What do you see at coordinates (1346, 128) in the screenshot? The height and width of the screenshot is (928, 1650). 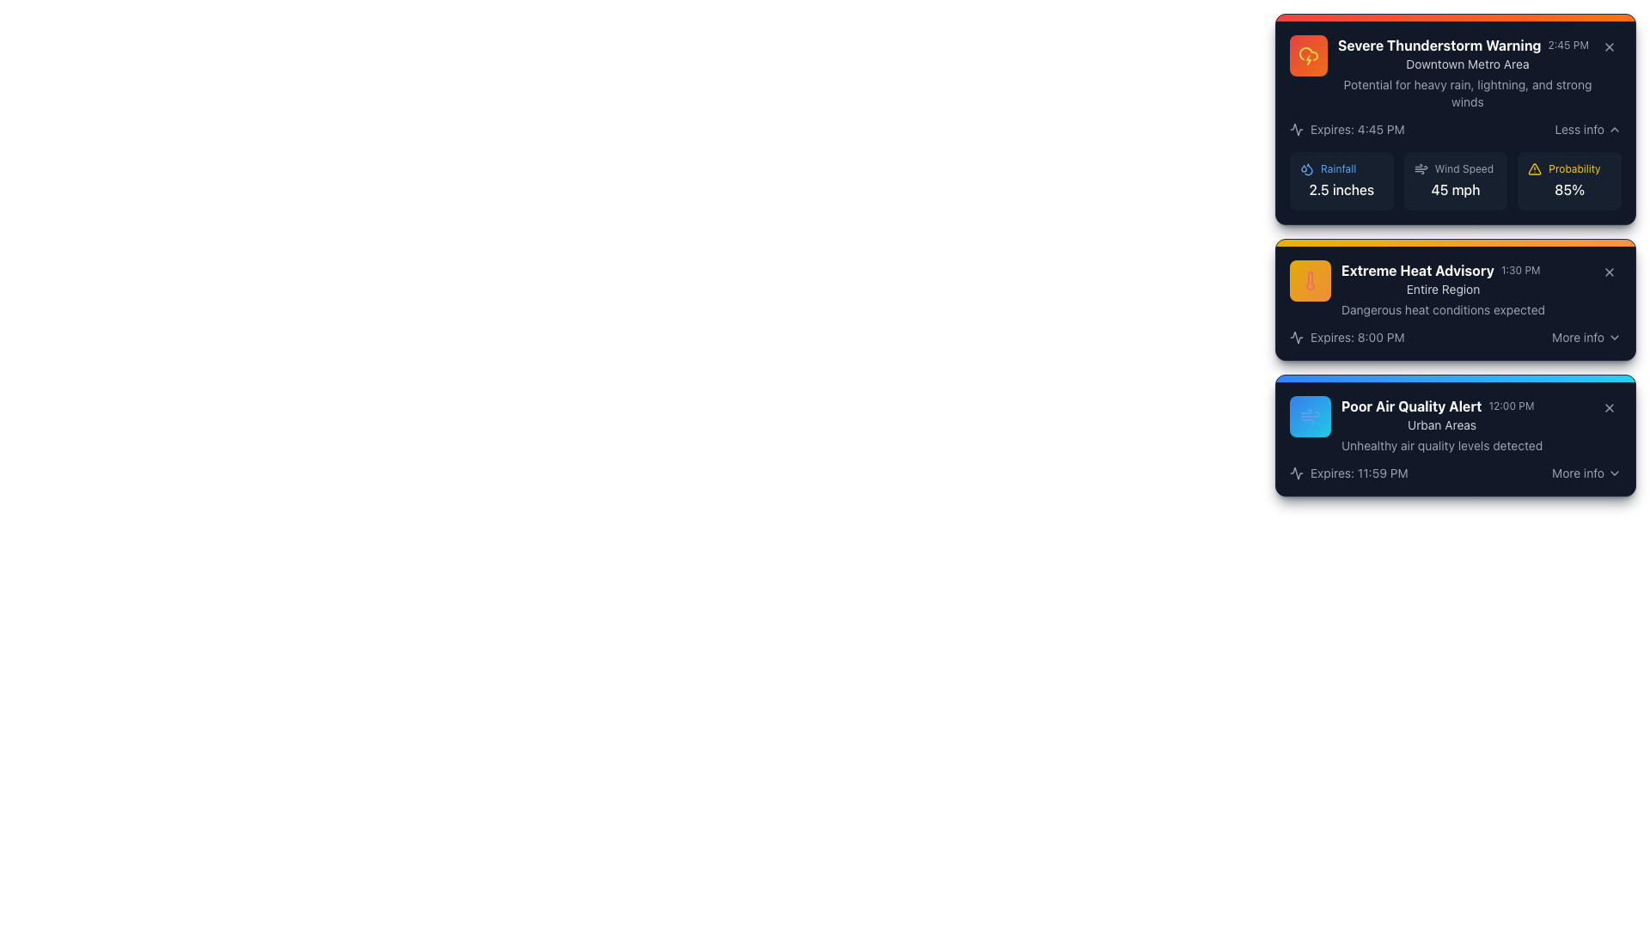 I see `text content of the Text label displaying 'Expires: 4:45 PM', which is located in the notifications panel of the 'Severe Thunderstorm Warning' card` at bounding box center [1346, 128].